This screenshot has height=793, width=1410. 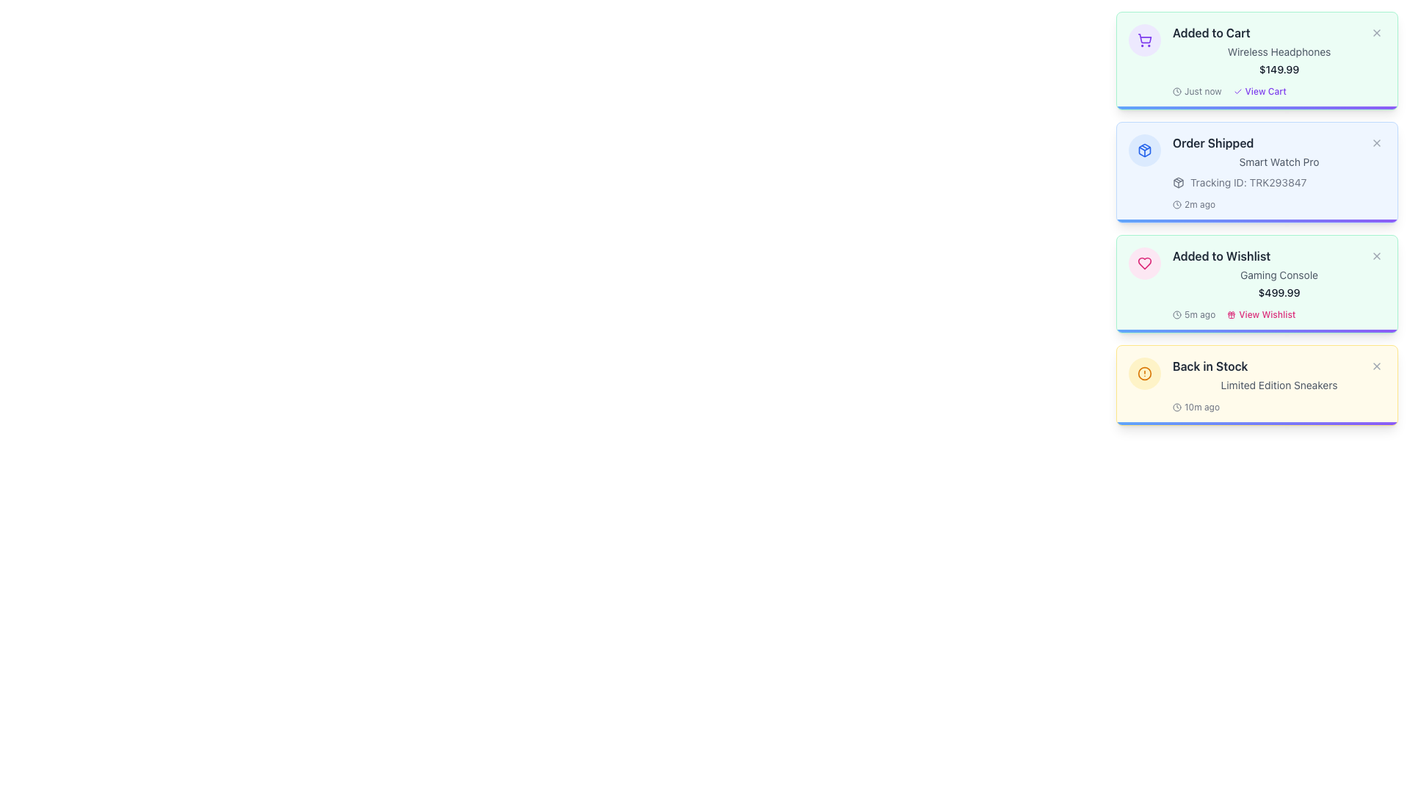 I want to click on the notification card with a light green background that displays 'Added to Wishlist' in bold dark text, followed by 'Gaming Console' and the price '$499.99', so click(x=1279, y=283).